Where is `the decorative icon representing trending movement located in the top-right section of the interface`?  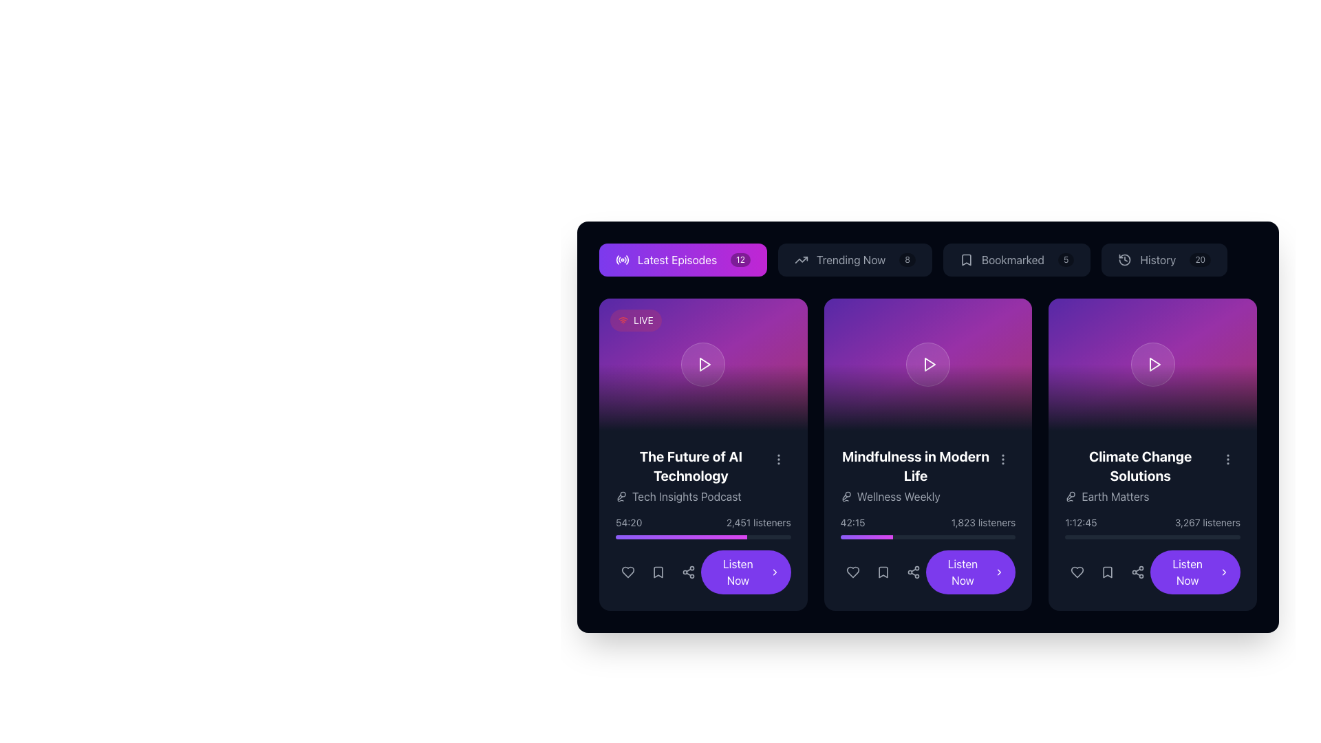 the decorative icon representing trending movement located in the top-right section of the interface is located at coordinates (801, 260).